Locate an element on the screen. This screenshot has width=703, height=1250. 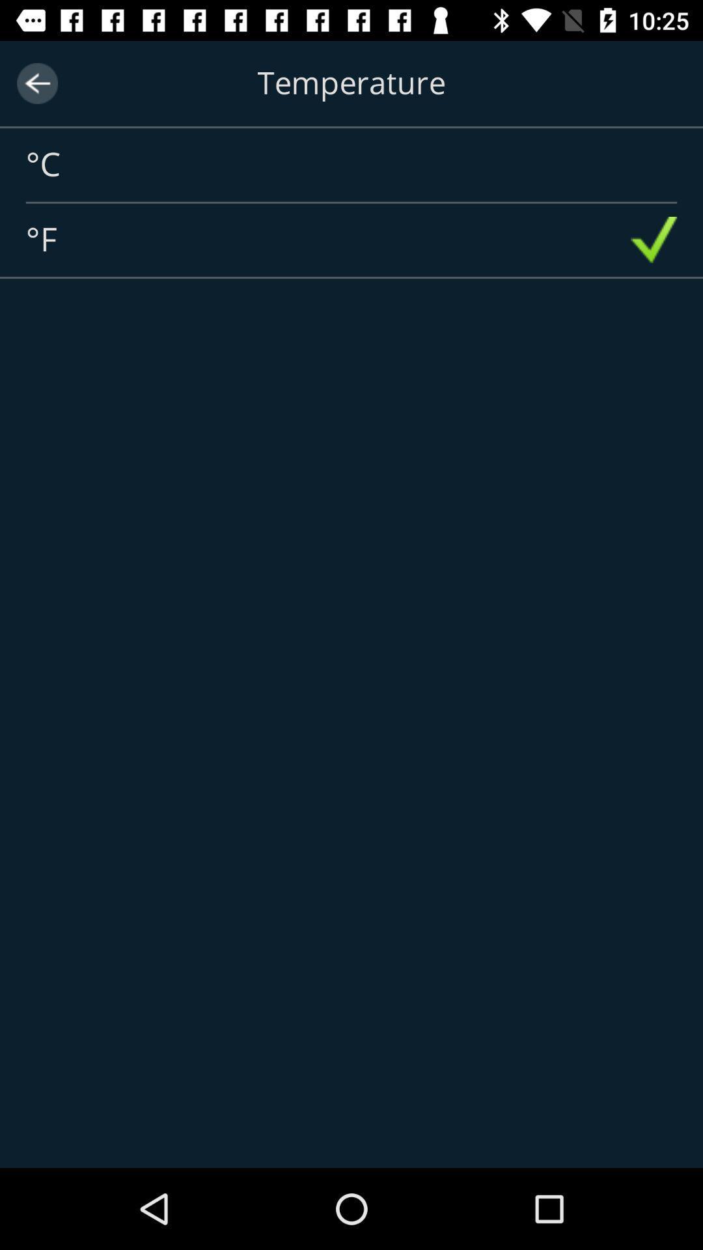
the arrow_backward icon is located at coordinates (36, 83).